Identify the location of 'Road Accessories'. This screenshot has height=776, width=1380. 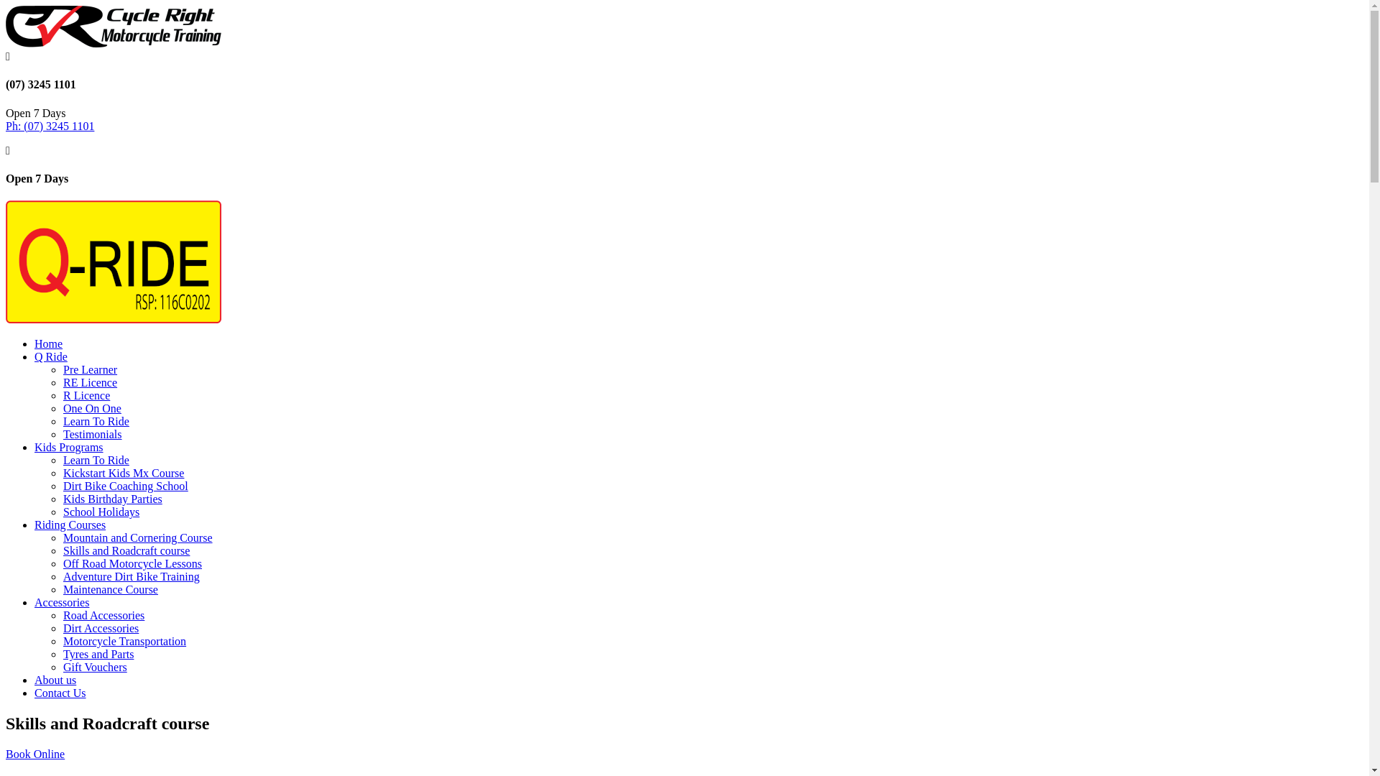
(62, 614).